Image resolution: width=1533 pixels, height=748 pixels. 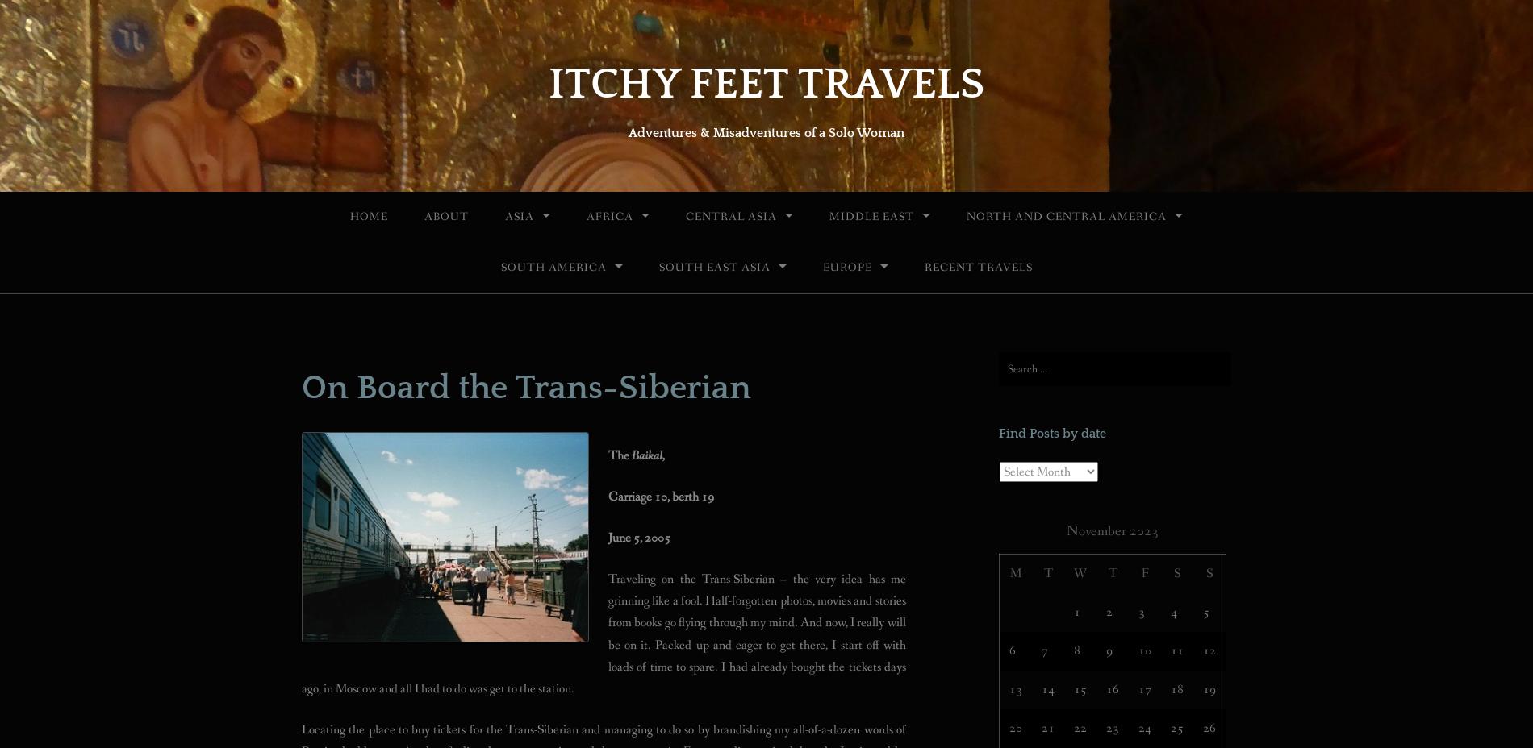 I want to click on 'Africa', so click(x=609, y=216).